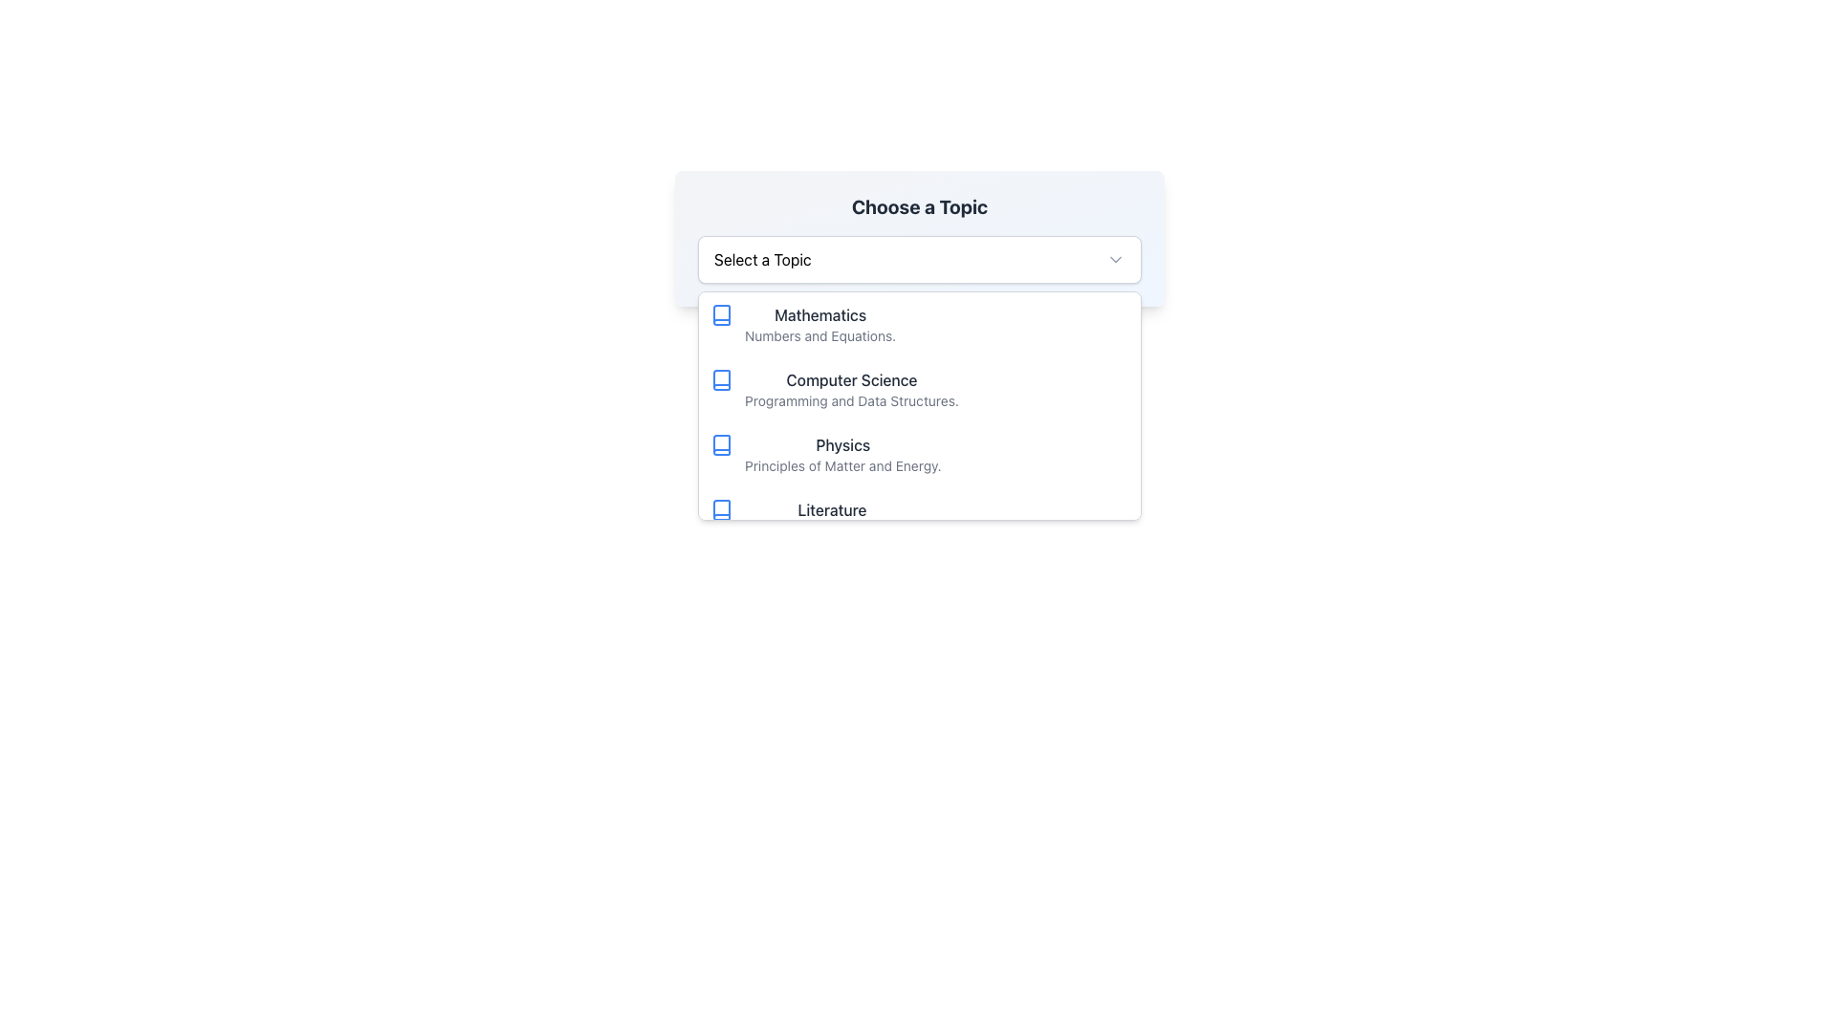 The image size is (1836, 1032). I want to click on the text label for the second option in the dropdown titled 'Choose a Topic', which is the first line of text for 'Programming and Data Structures', so click(851, 379).